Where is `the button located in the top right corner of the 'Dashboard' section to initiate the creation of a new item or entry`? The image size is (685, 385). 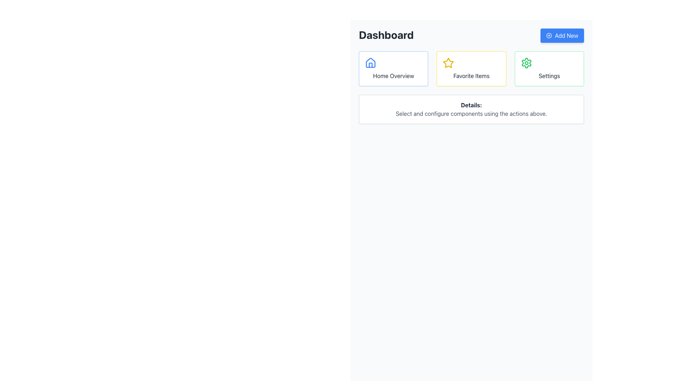
the button located in the top right corner of the 'Dashboard' section to initiate the creation of a new item or entry is located at coordinates (562, 36).